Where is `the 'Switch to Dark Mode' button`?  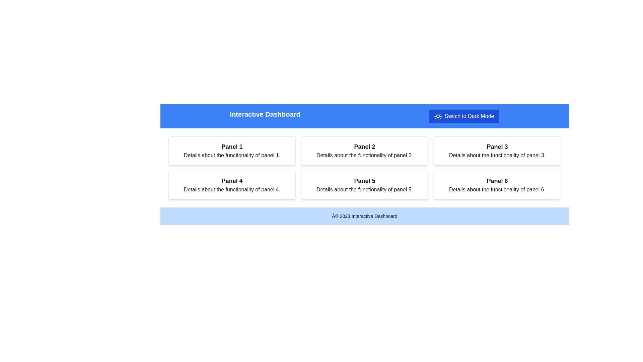 the 'Switch to Dark Mode' button is located at coordinates (438, 116).